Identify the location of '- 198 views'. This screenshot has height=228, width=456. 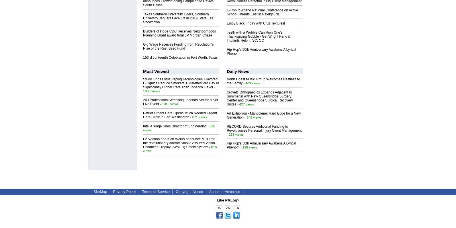
(248, 146).